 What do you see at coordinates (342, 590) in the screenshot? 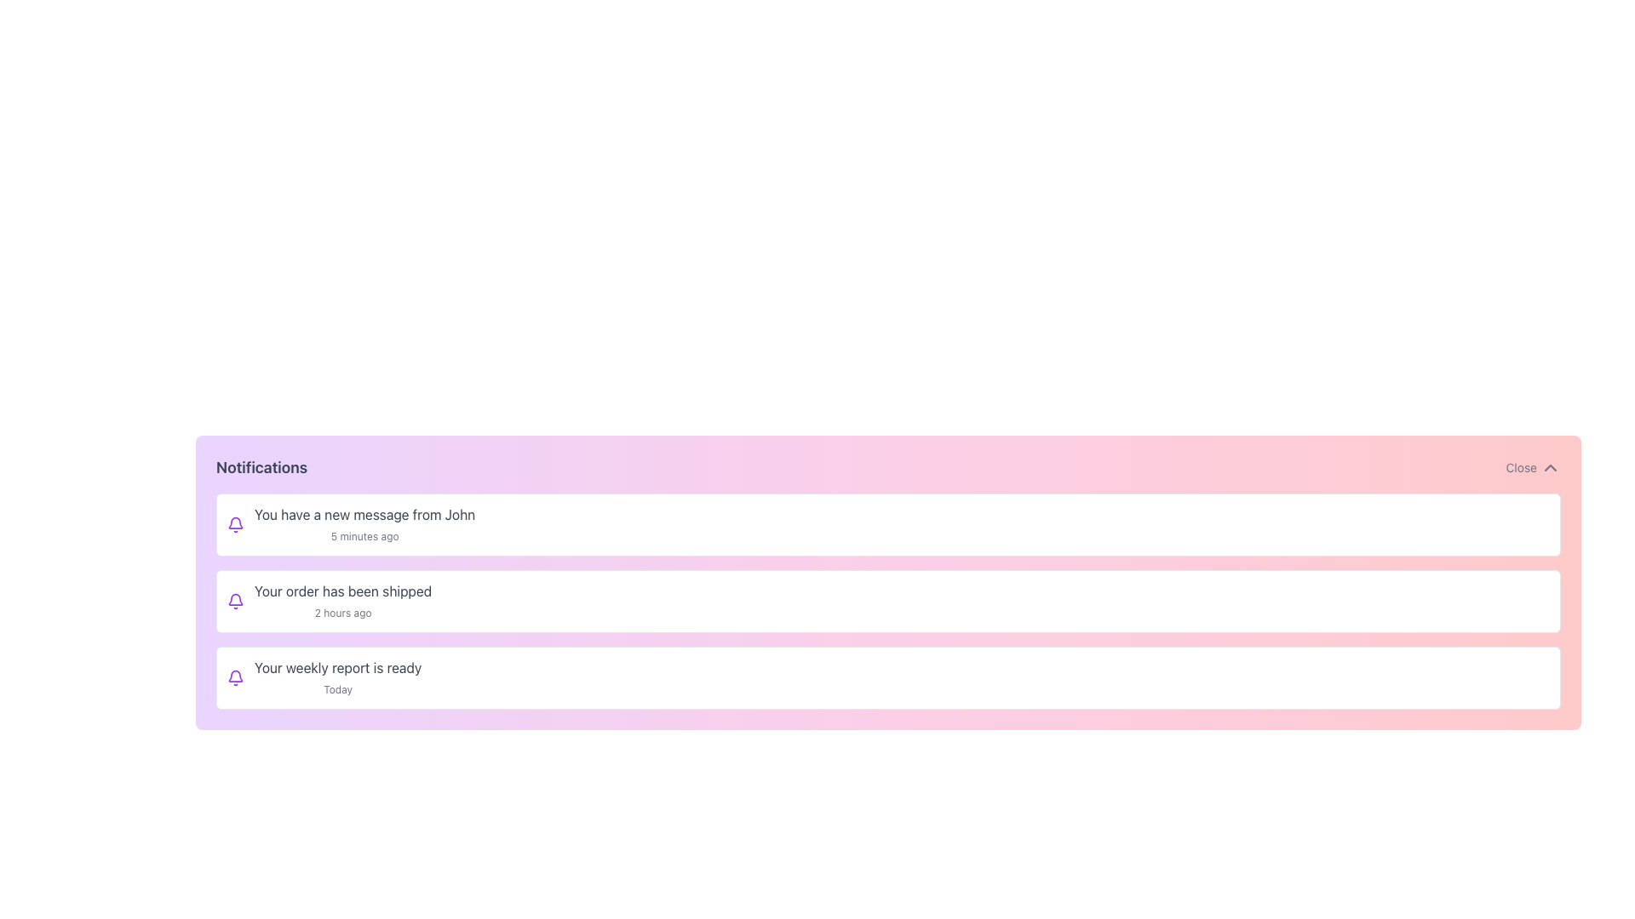
I see `the Text Label that communicates the shipping status of an order, located in the Notifications section as the second notification in the list` at bounding box center [342, 590].